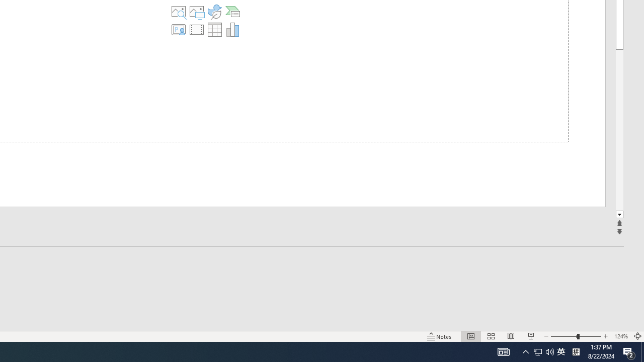 Image resolution: width=644 pixels, height=362 pixels. Describe the element at coordinates (620, 336) in the screenshot. I see `'Zoom 124%'` at that location.